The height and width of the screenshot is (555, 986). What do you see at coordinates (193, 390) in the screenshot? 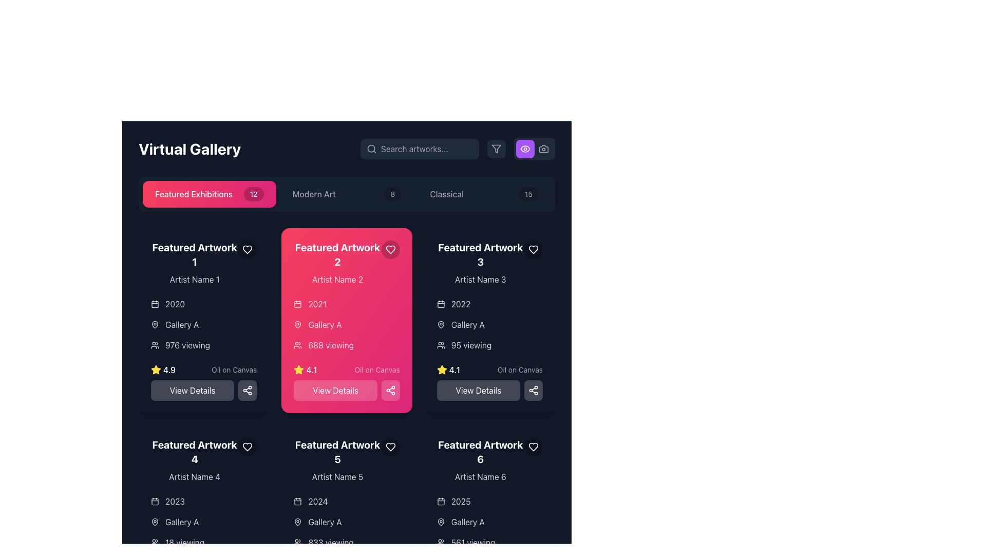
I see `the 'View Details' button, which is a rectangular button with rounded corners and a grayish background` at bounding box center [193, 390].